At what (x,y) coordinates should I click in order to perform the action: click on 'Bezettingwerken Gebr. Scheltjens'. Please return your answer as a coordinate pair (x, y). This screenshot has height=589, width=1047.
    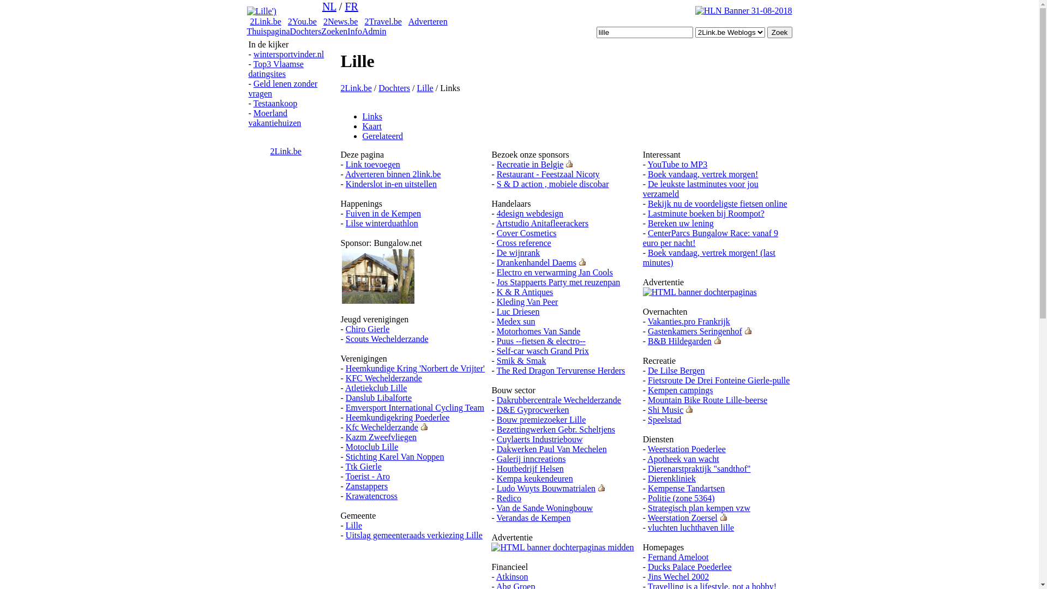
    Looking at the image, I should click on (556, 429).